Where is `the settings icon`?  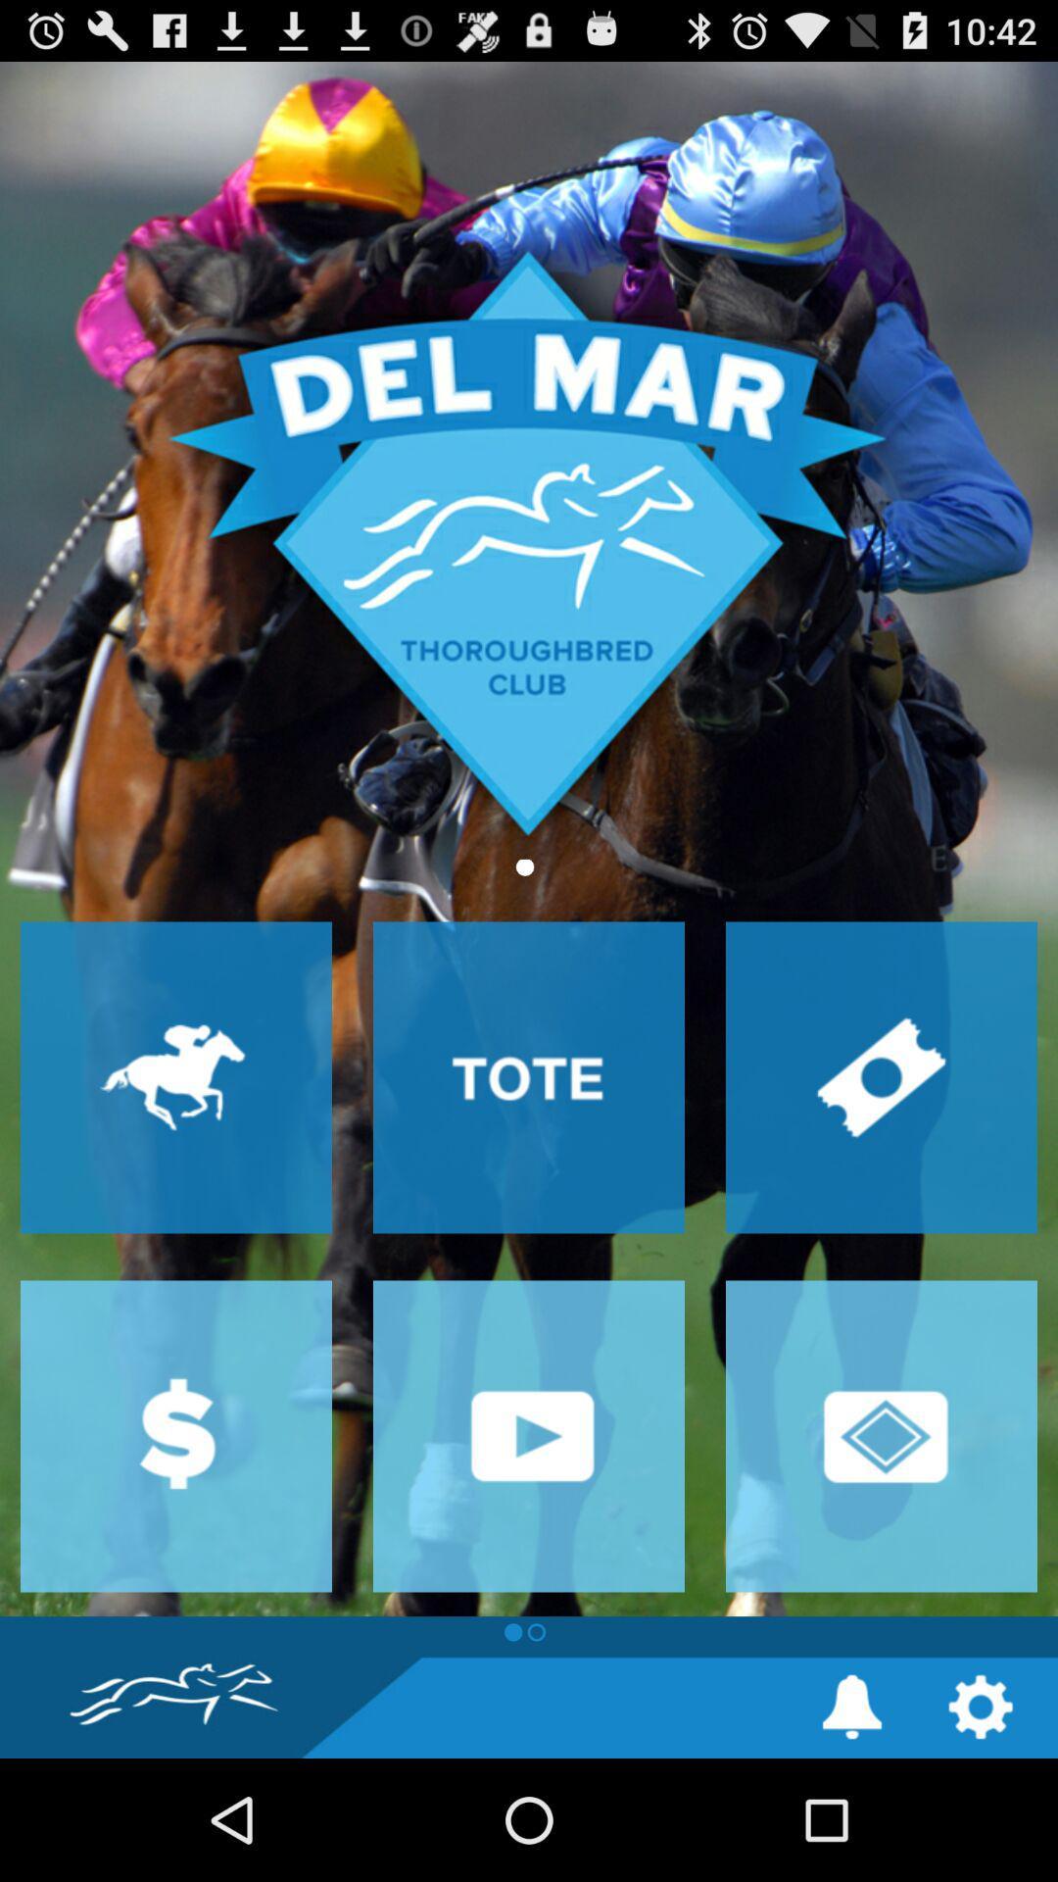
the settings icon is located at coordinates (981, 1825).